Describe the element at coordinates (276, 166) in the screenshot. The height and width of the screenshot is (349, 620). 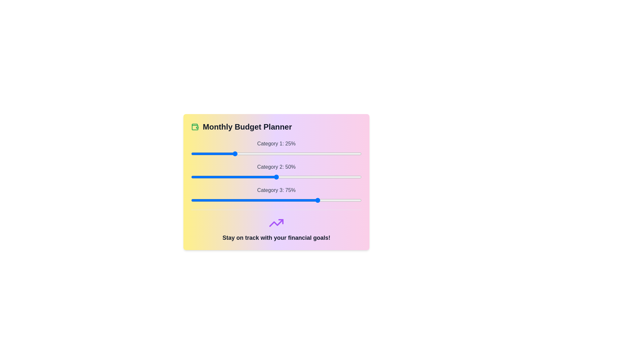
I see `the label for Category 2 to highlight it` at that location.